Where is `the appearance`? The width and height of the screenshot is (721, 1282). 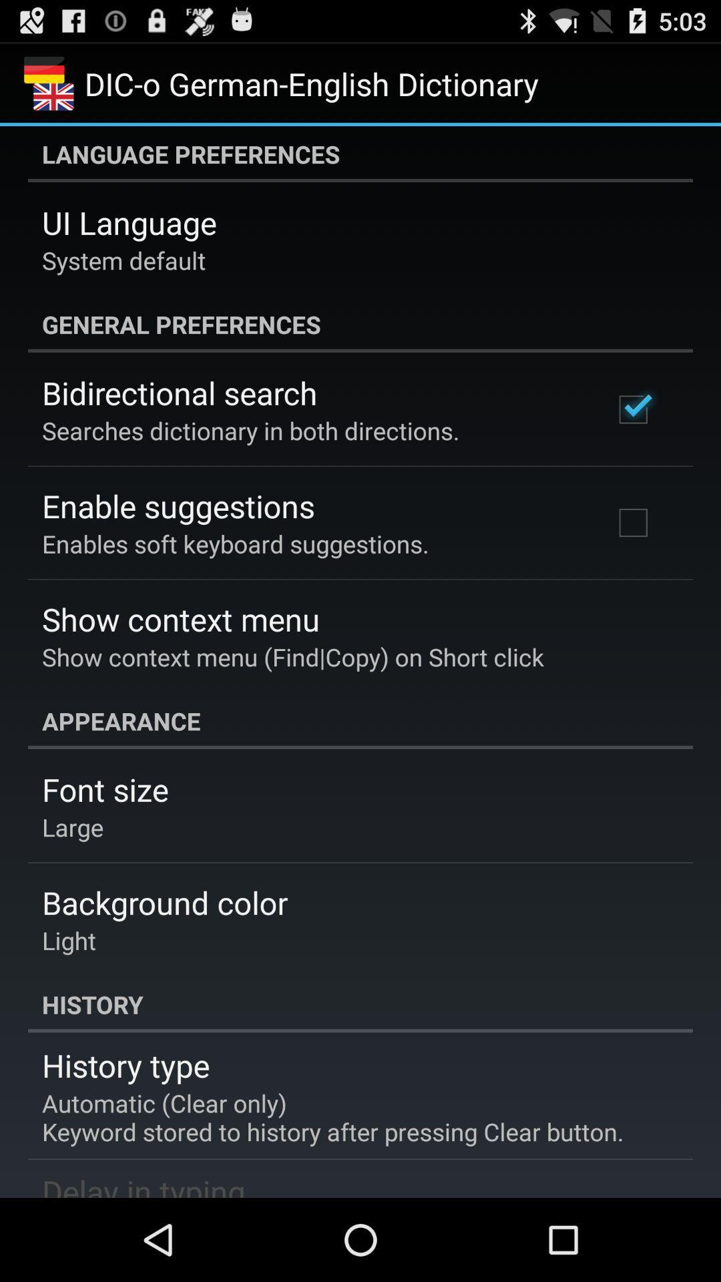
the appearance is located at coordinates (360, 720).